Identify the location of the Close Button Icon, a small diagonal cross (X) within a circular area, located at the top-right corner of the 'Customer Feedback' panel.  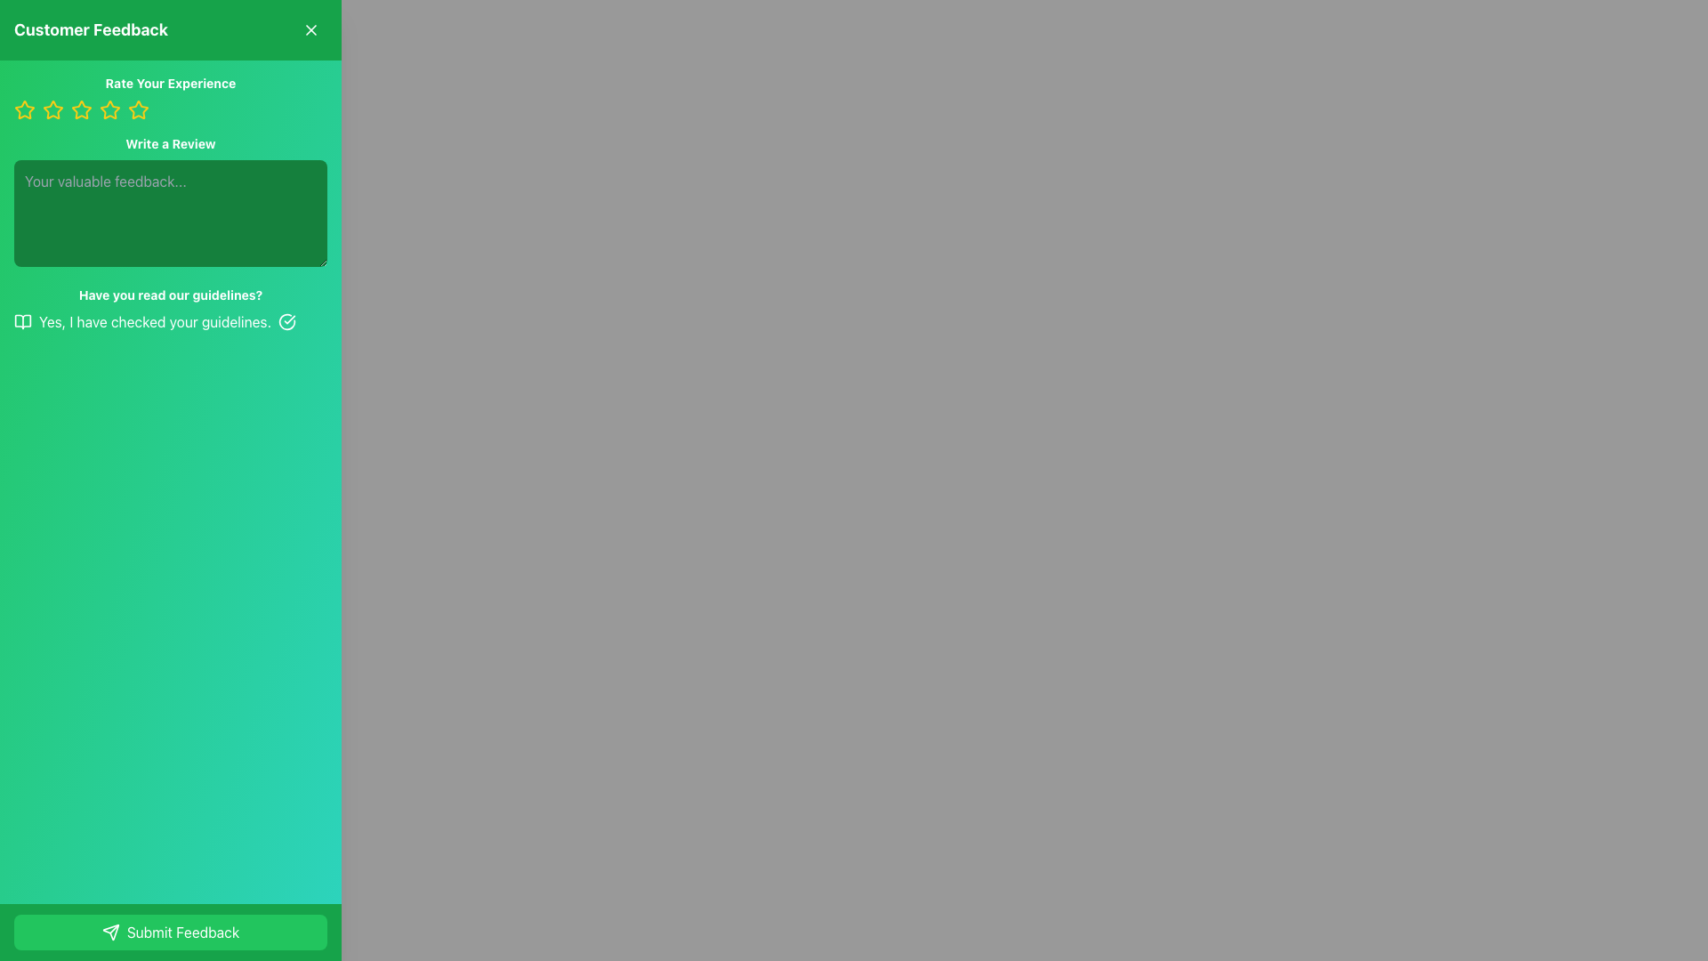
(311, 30).